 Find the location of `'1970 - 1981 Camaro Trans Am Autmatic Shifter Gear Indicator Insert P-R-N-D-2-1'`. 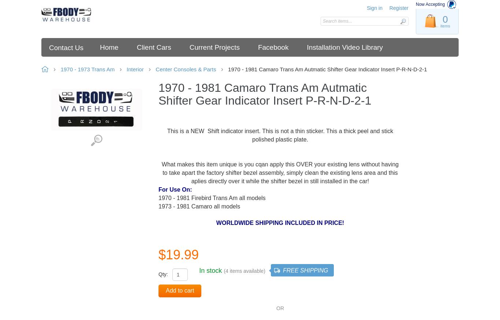

'1970 - 1981 Camaro Trans Am Autmatic Shifter Gear Indicator Insert P-R-N-D-2-1' is located at coordinates (327, 69).